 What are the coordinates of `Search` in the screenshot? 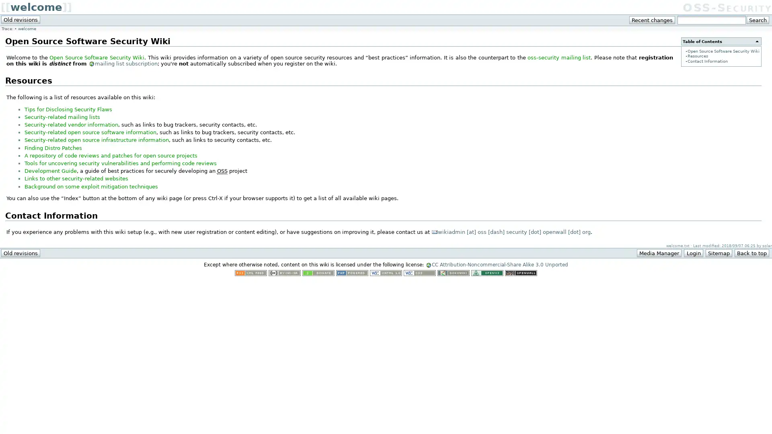 It's located at (757, 20).